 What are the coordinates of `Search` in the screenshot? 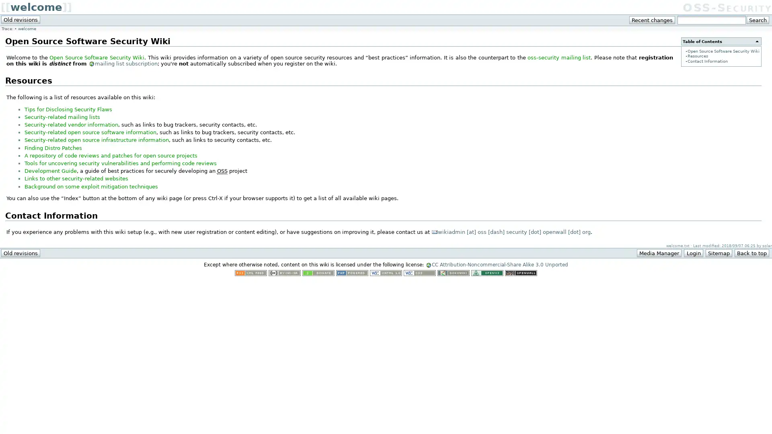 It's located at (757, 20).